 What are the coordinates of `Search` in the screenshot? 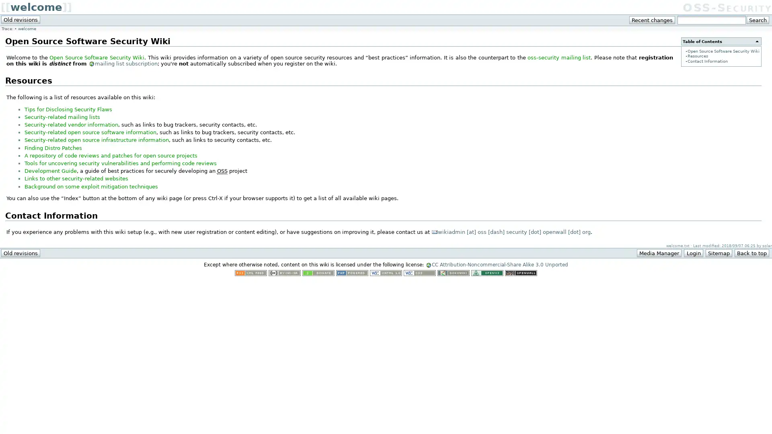 It's located at (757, 20).